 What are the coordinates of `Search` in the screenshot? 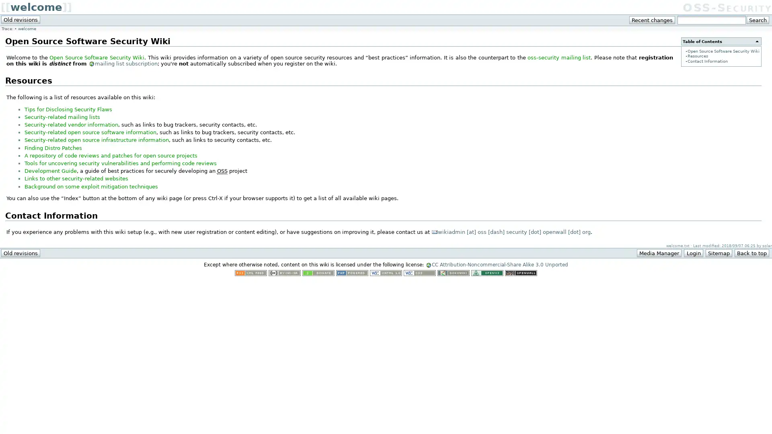 It's located at (757, 20).